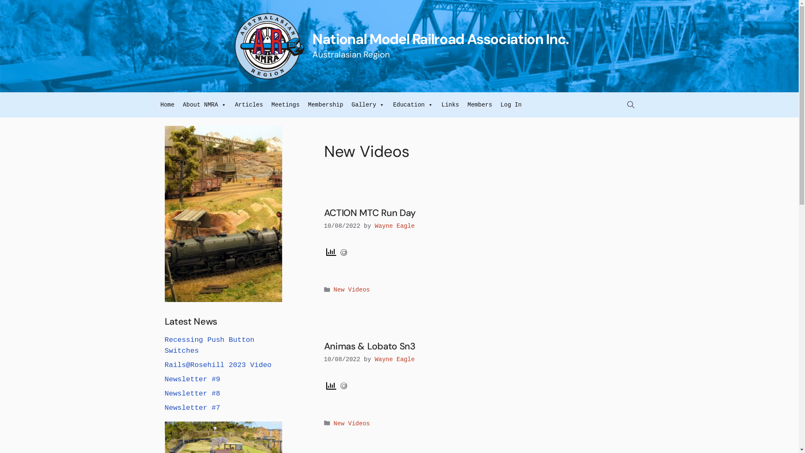  Describe the element at coordinates (248, 104) in the screenshot. I see `'Articles'` at that location.